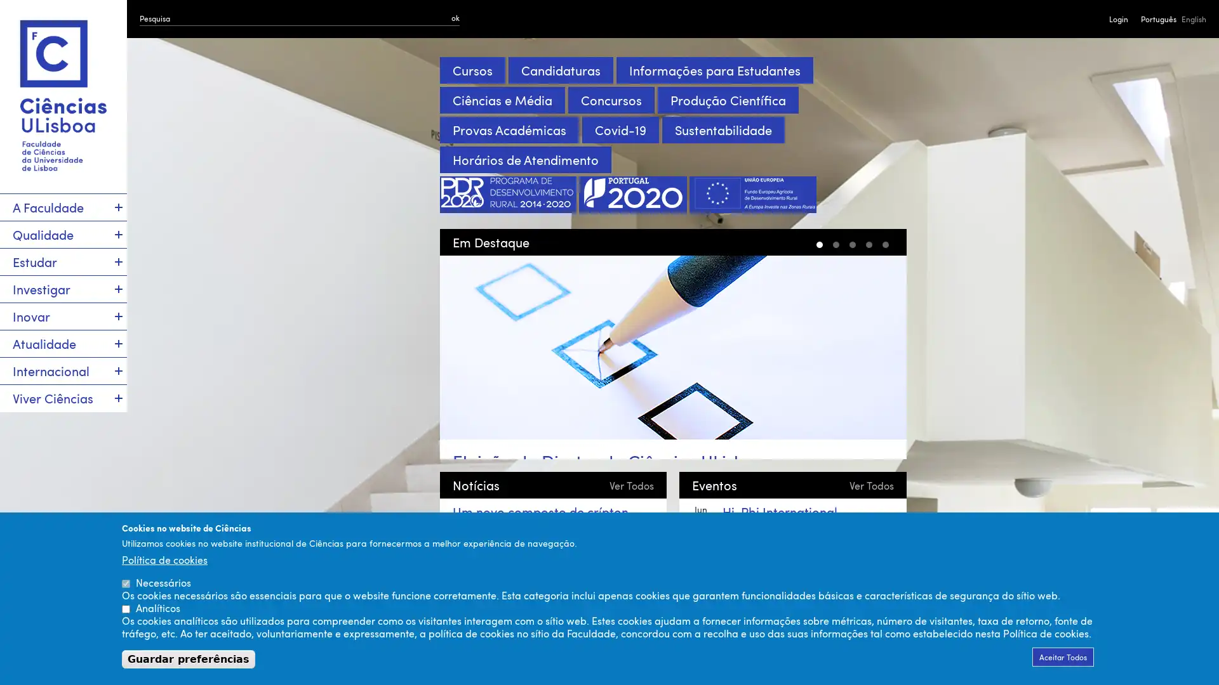 The image size is (1219, 685). I want to click on Aceitar Todos, so click(1063, 656).